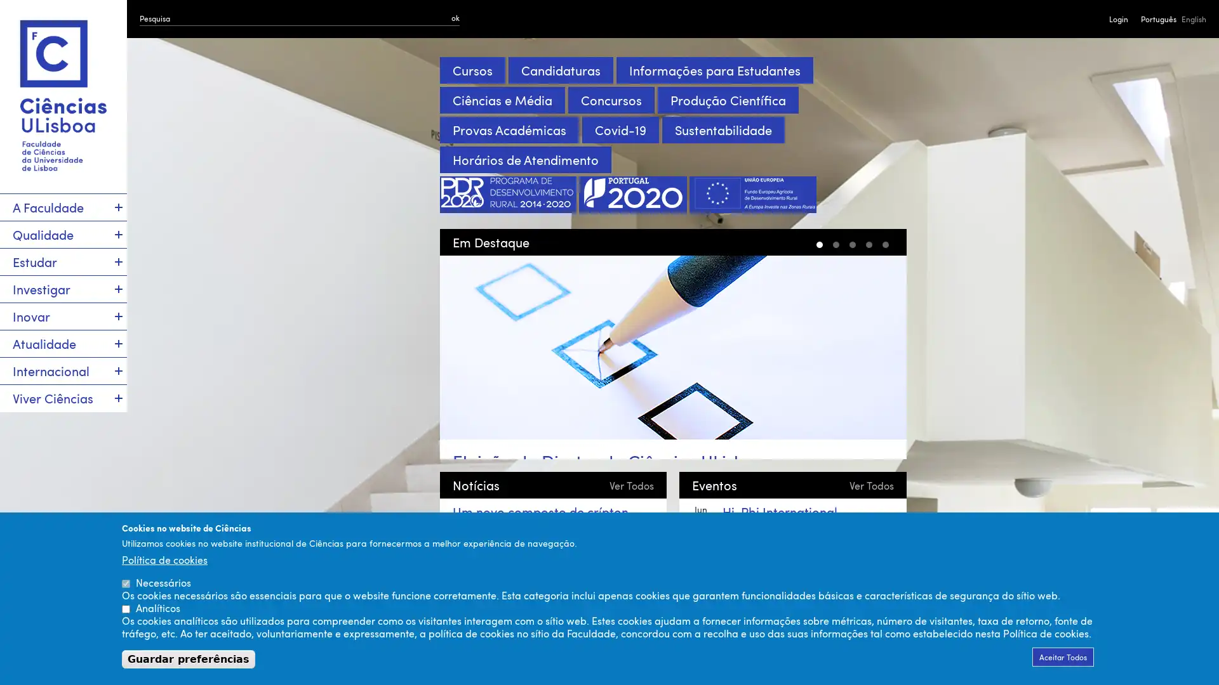 The image size is (1219, 685). I want to click on Aceitar Todos, so click(1063, 656).